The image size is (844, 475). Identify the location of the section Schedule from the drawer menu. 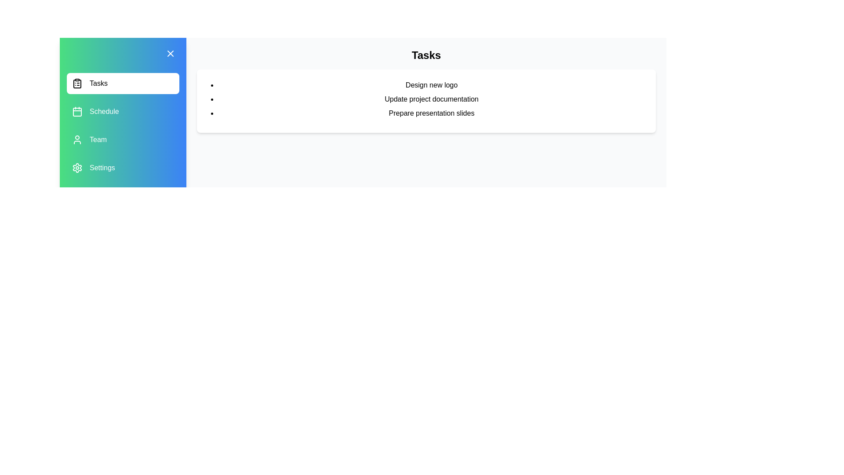
(122, 111).